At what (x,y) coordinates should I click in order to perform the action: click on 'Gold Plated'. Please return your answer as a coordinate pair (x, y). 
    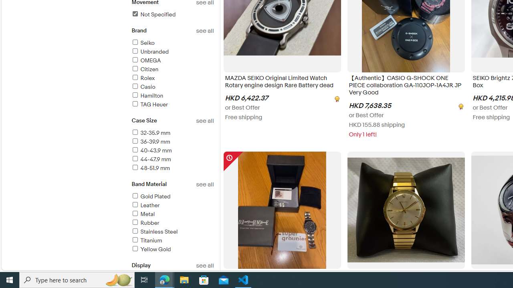
    Looking at the image, I should click on (151, 196).